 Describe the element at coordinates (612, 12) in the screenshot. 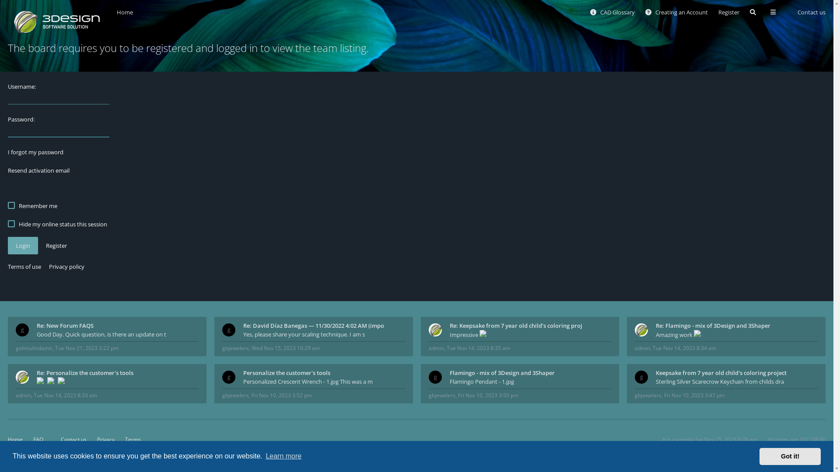

I see `'CAD Glossary'` at that location.